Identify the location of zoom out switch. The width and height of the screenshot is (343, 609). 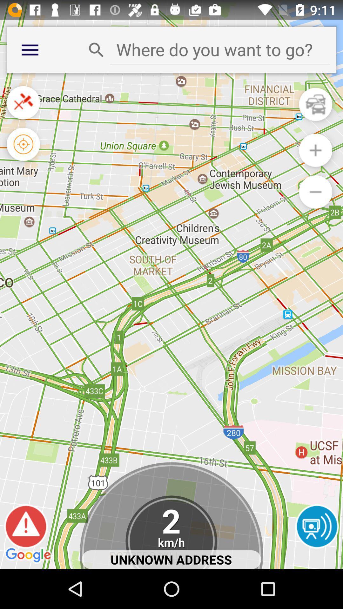
(315, 150).